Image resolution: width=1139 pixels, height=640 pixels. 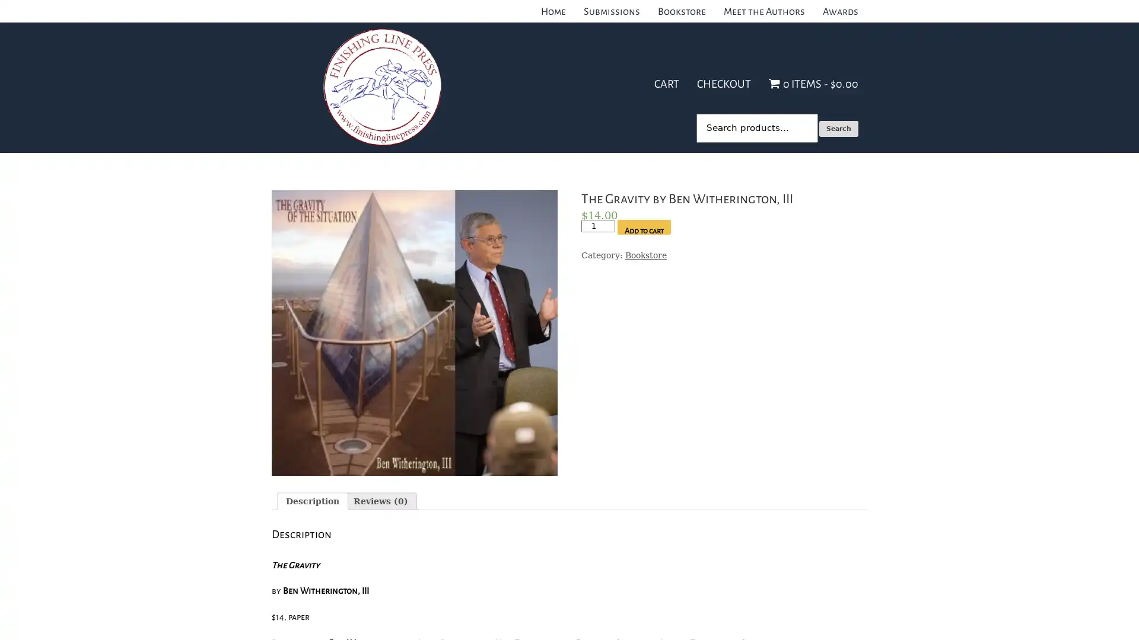 I want to click on Add to cart, so click(x=642, y=227).